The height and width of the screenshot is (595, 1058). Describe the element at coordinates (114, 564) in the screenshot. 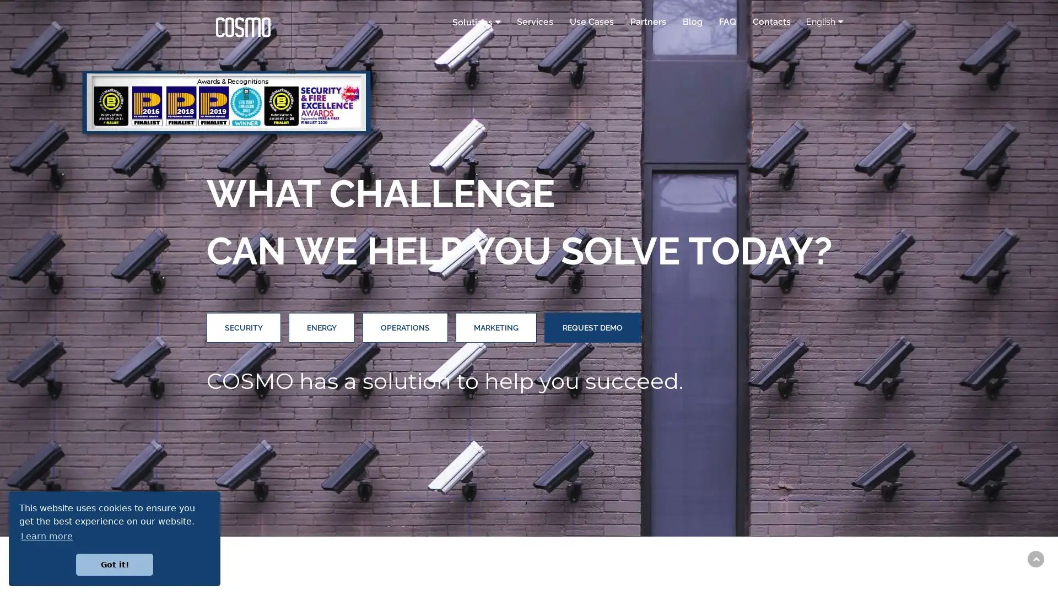

I see `dismiss cookie message` at that location.